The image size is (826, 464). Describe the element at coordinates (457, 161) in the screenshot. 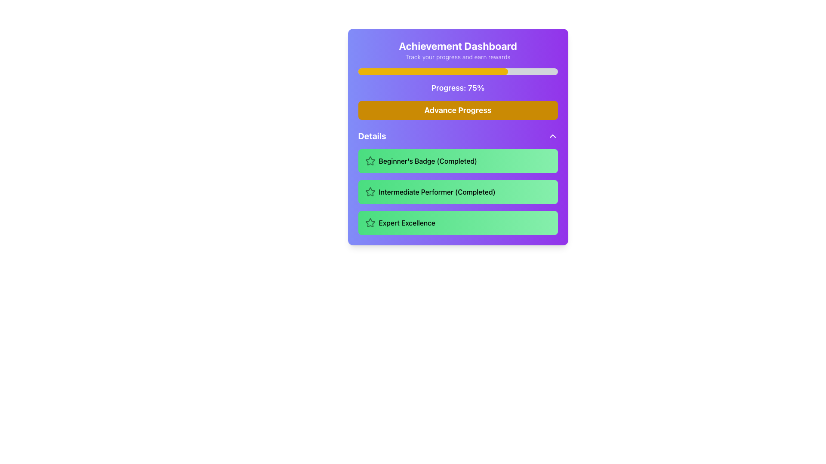

I see `the 'Beginner's Badge' static badge component, which is the first item in the vertically stacked list of badges under the 'Details' section` at that location.